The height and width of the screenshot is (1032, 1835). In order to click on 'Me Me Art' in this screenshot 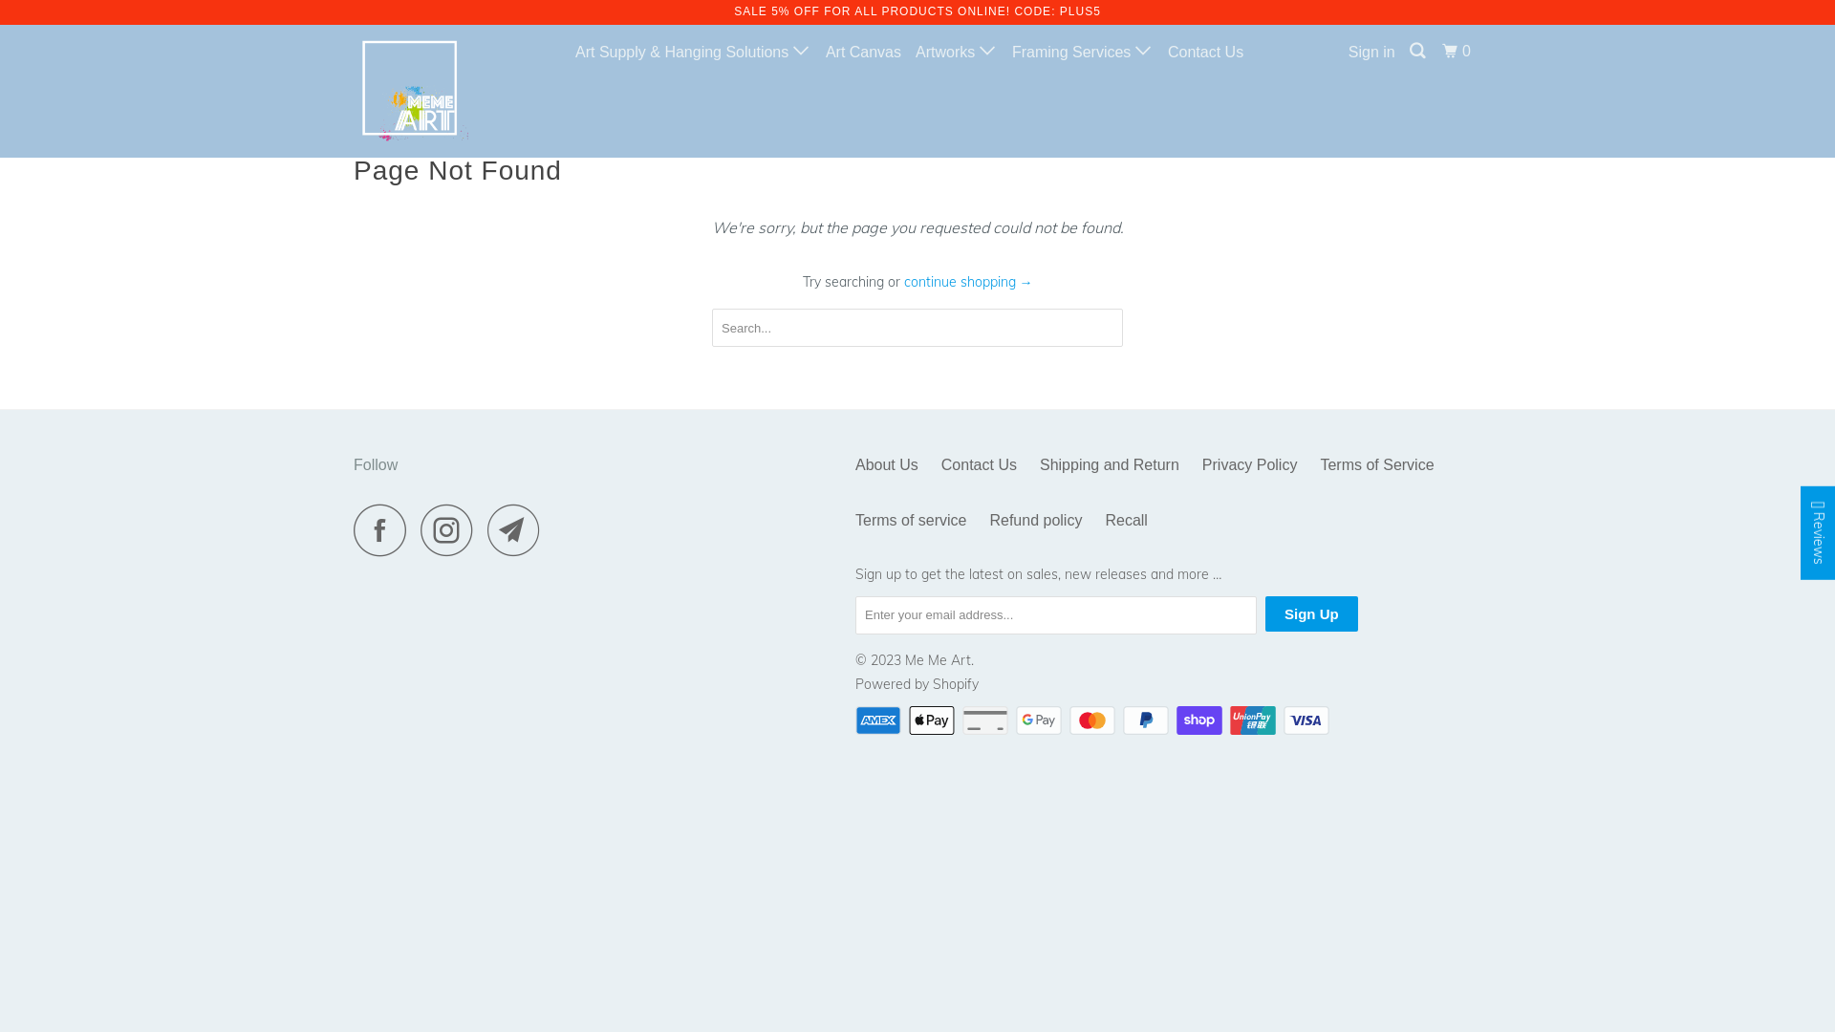, I will do `click(450, 91)`.